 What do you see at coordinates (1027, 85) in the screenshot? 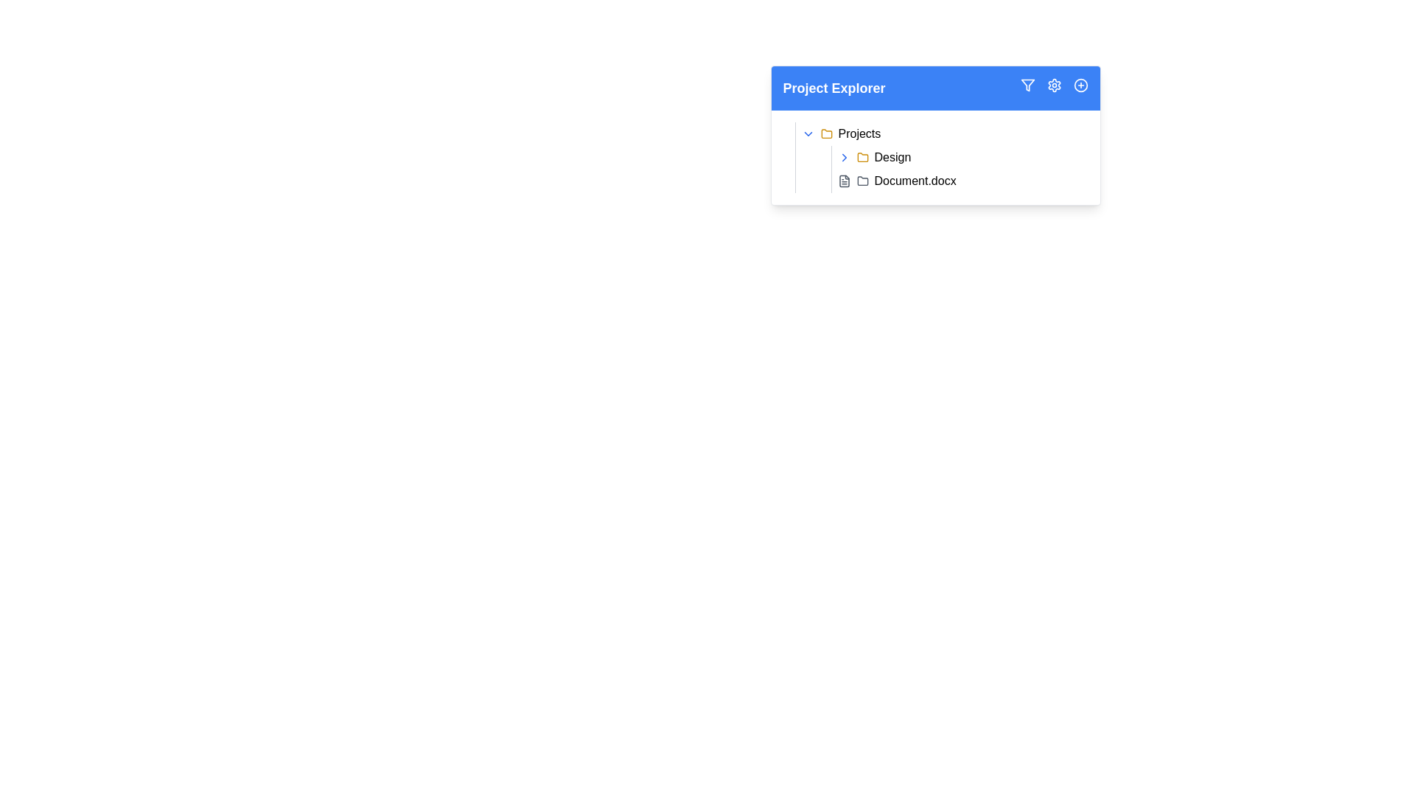
I see `the filter funnel icon located at the top-right corner of the blue header bar labeled 'Project Explorer'` at bounding box center [1027, 85].